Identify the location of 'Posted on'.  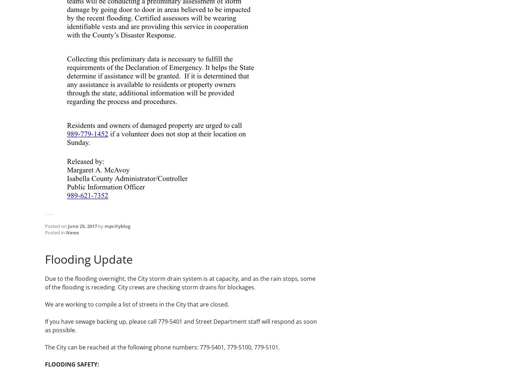
(44, 226).